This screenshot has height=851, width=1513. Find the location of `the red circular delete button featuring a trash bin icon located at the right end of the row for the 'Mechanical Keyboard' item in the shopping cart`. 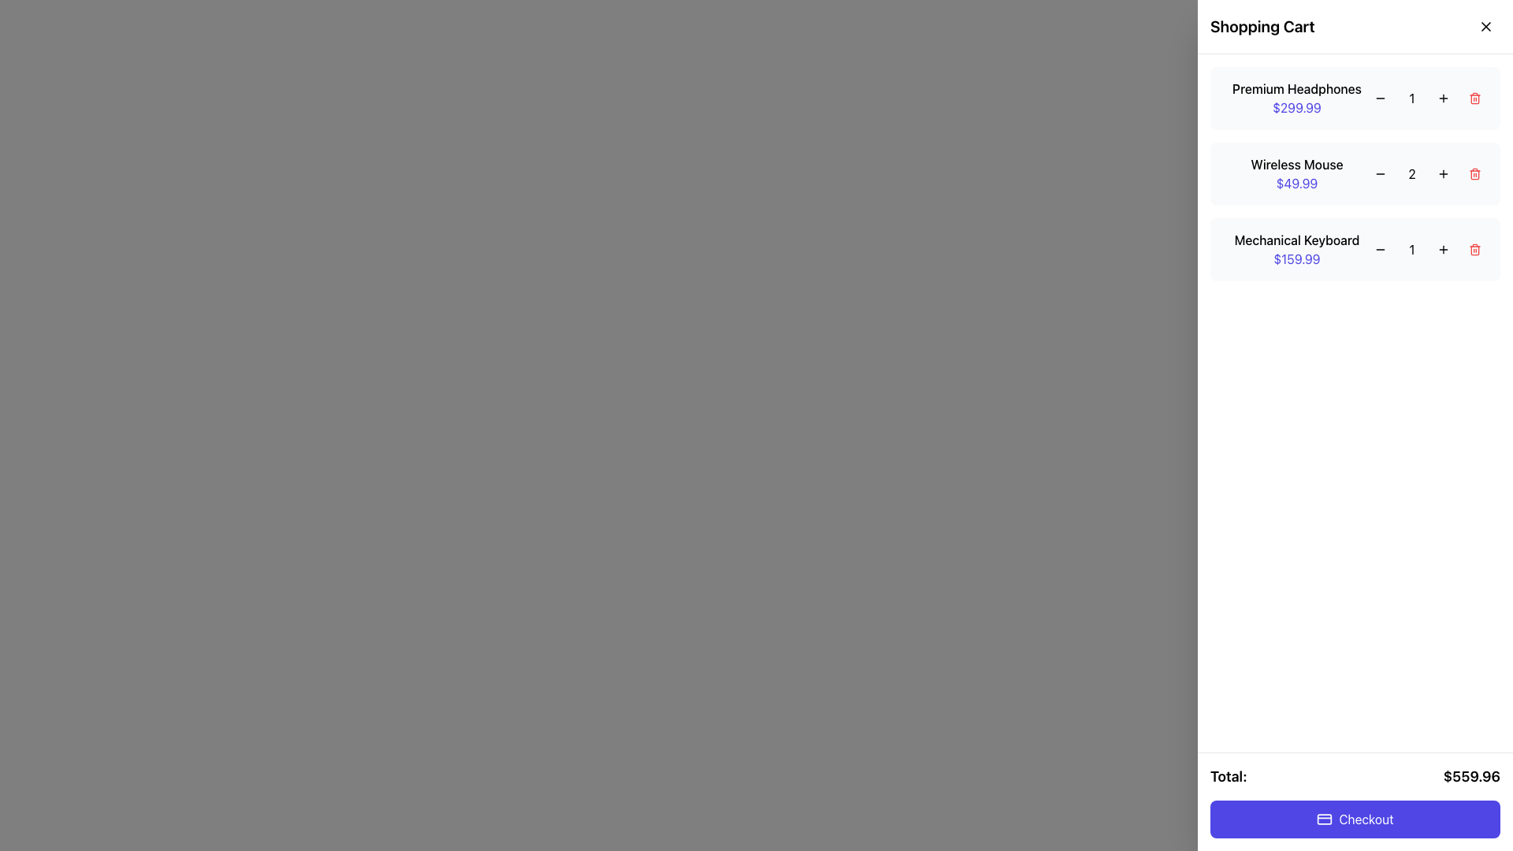

the red circular delete button featuring a trash bin icon located at the right end of the row for the 'Mechanical Keyboard' item in the shopping cart is located at coordinates (1474, 248).